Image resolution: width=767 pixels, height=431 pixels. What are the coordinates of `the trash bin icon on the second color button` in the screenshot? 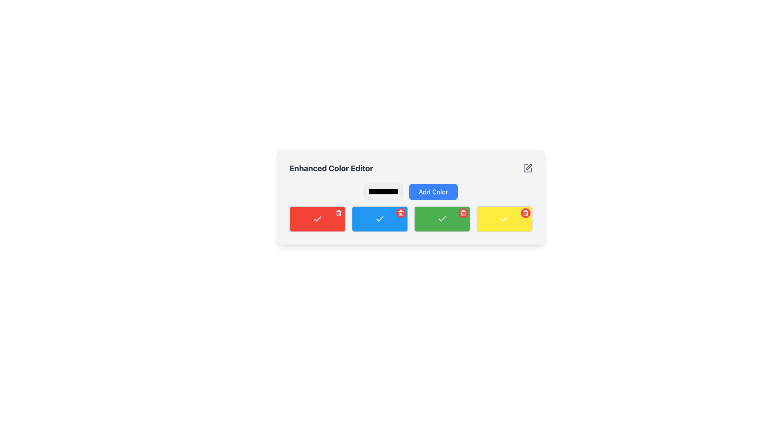 It's located at (379, 219).